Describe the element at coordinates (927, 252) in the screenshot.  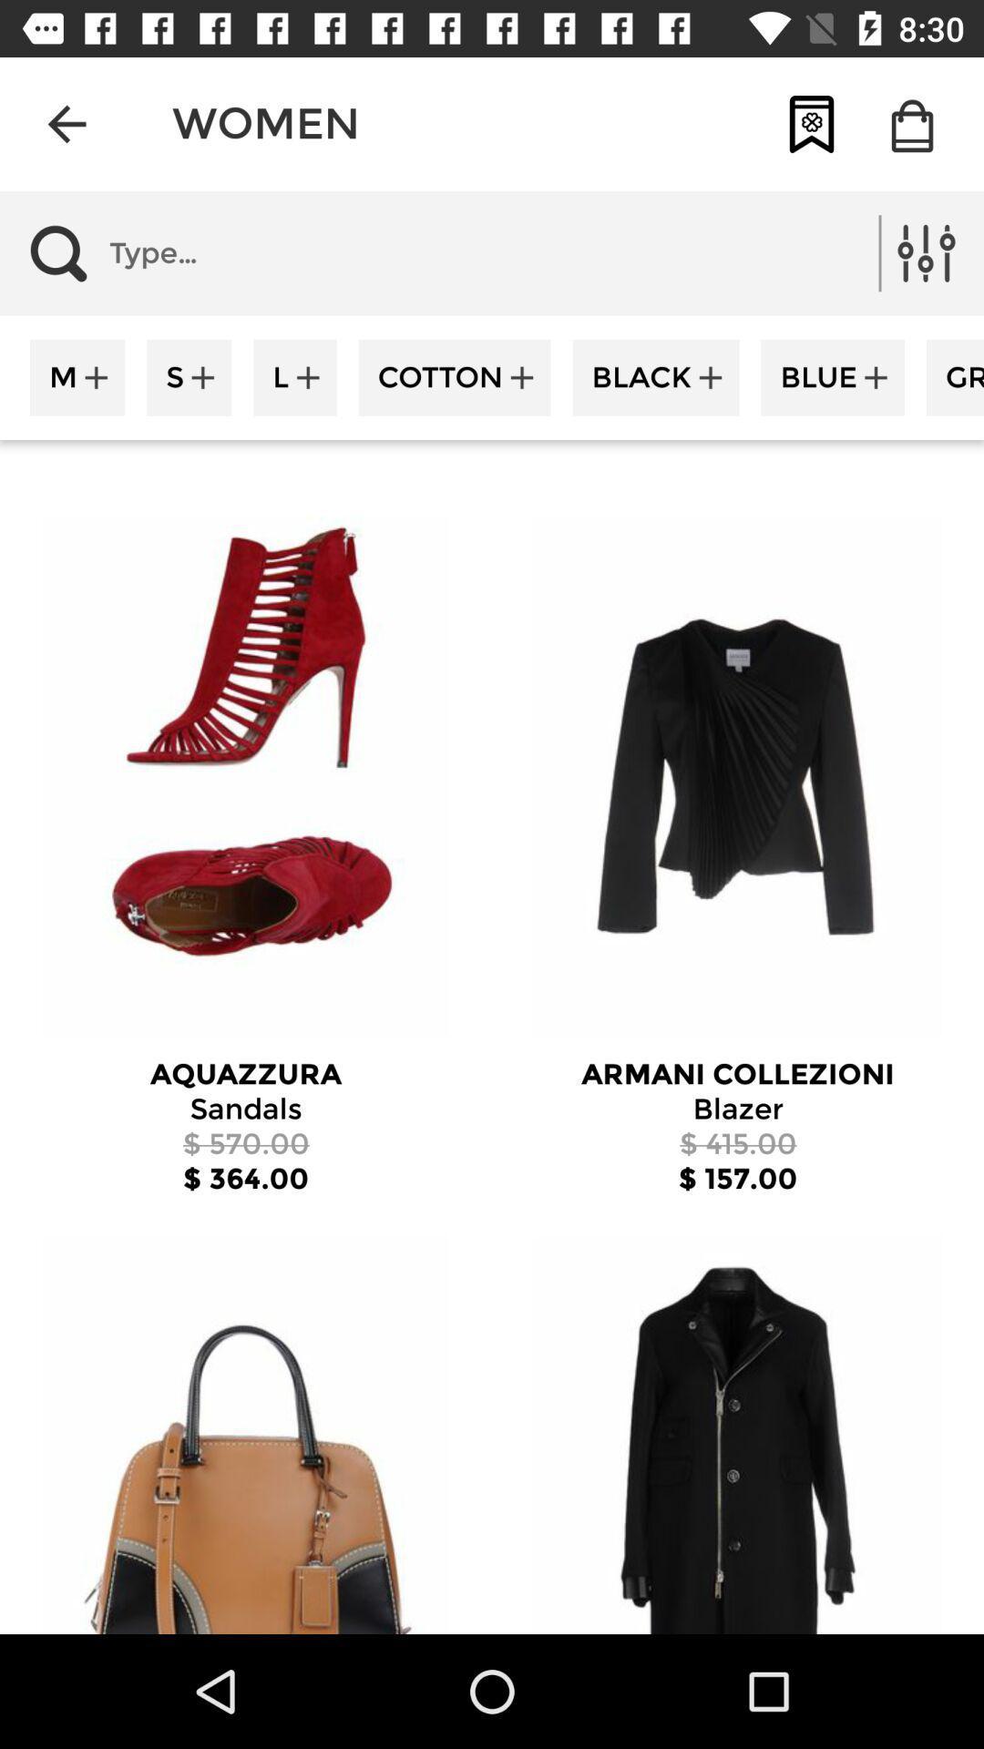
I see `the sliders icon` at that location.